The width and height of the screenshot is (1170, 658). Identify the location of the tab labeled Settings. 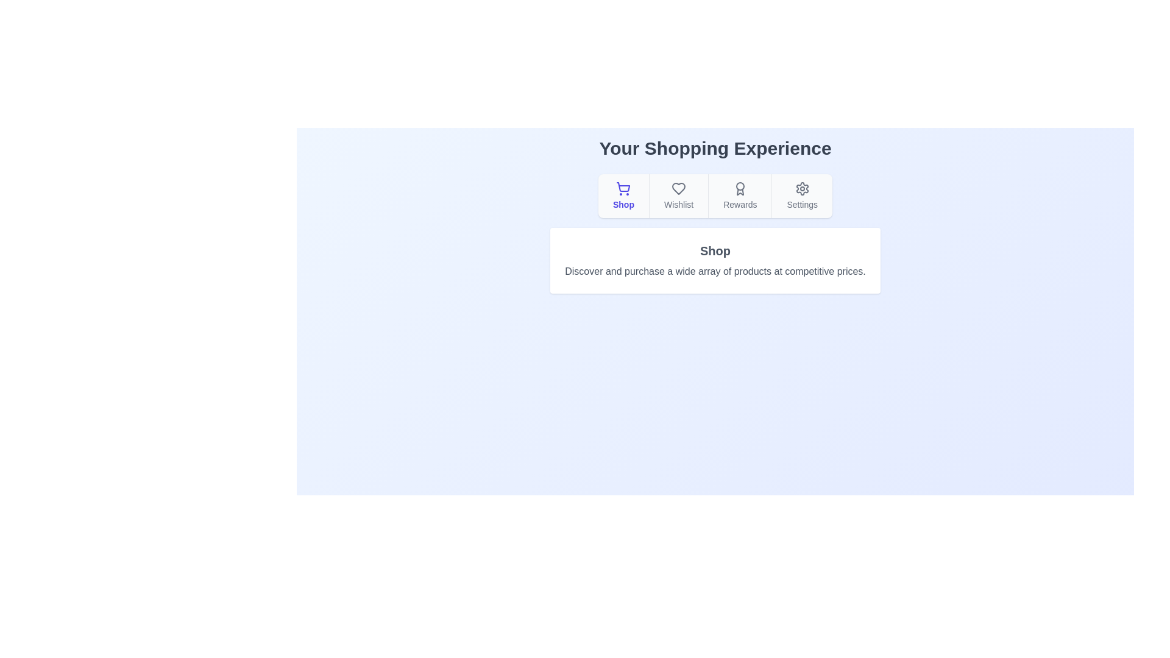
(802, 195).